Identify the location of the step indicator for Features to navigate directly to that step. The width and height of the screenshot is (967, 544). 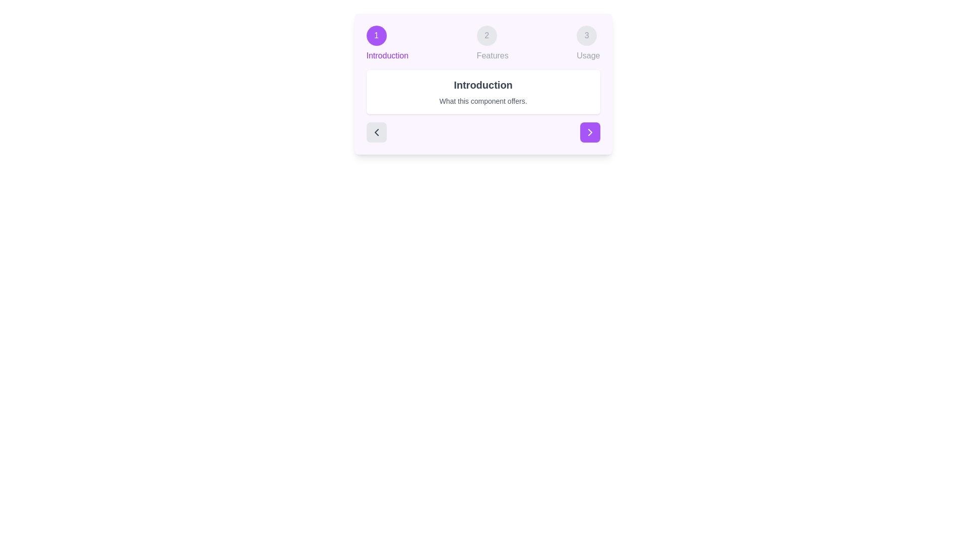
(493, 43).